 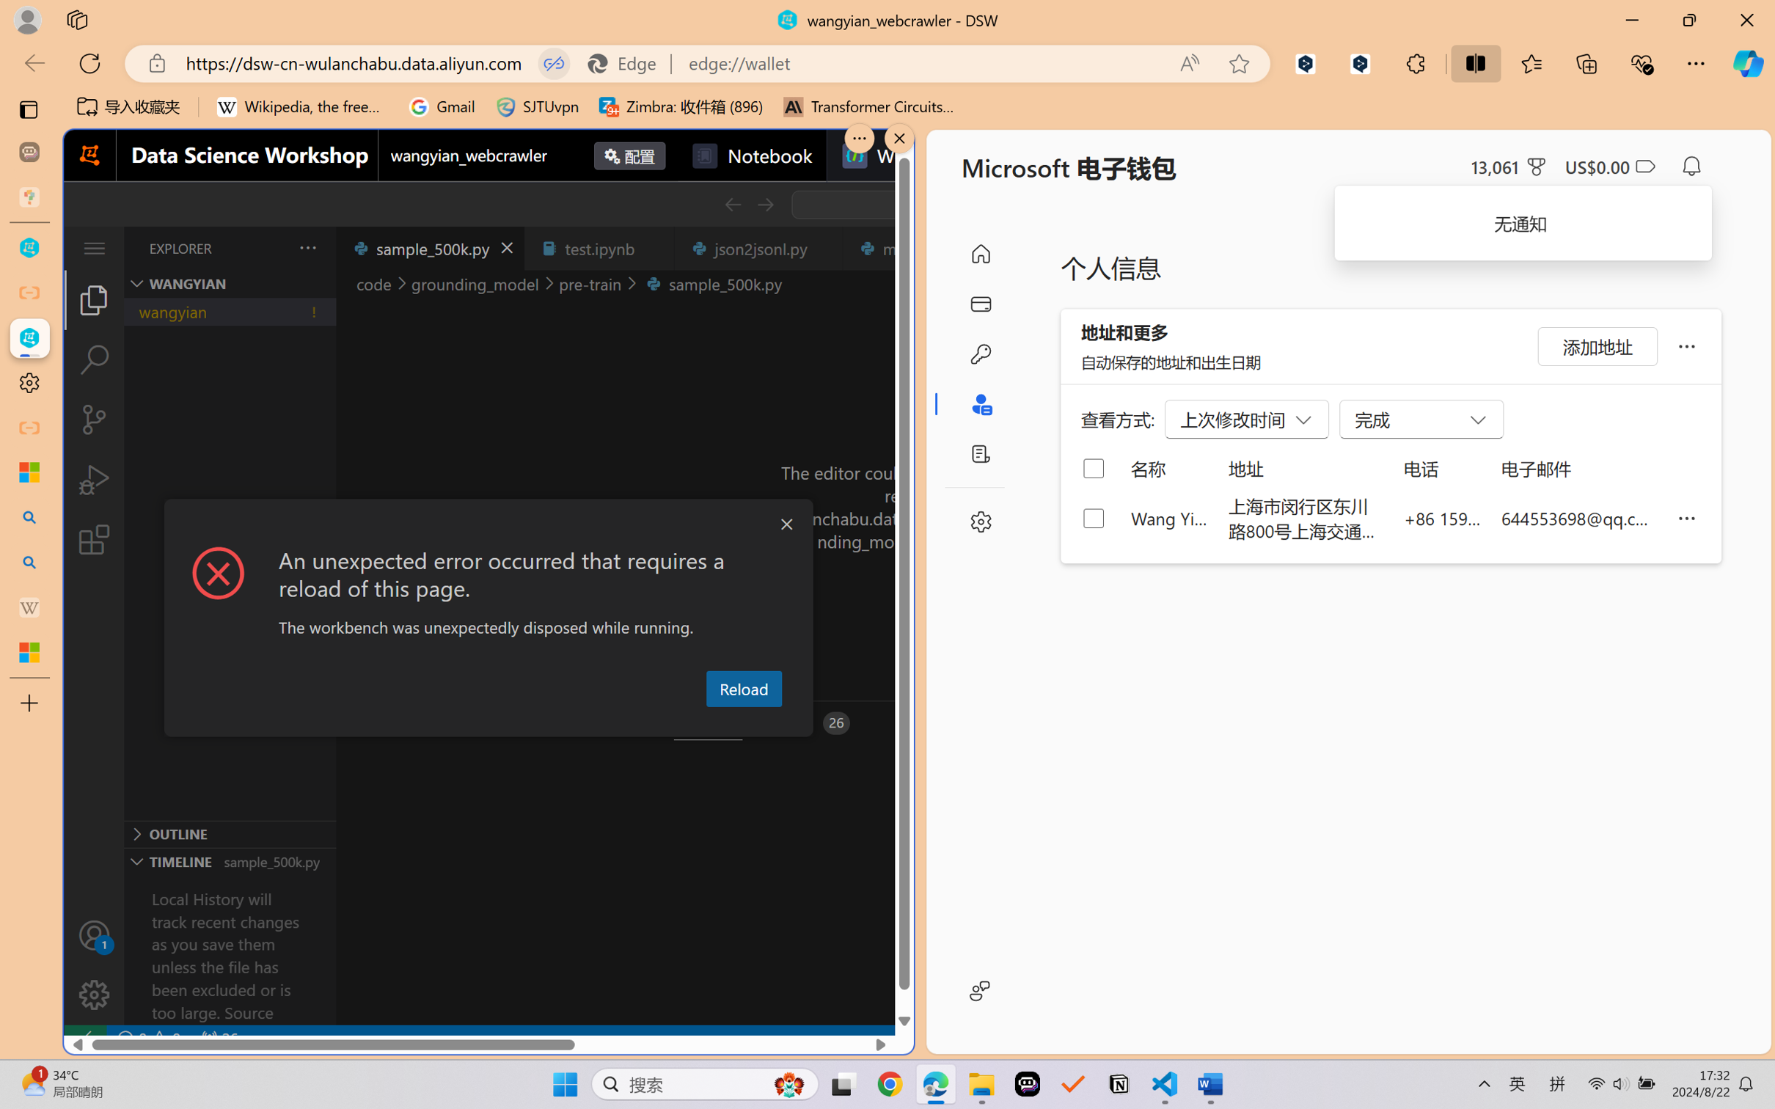 What do you see at coordinates (1441, 517) in the screenshot?
I see `'+86 159 0032 4640'` at bounding box center [1441, 517].